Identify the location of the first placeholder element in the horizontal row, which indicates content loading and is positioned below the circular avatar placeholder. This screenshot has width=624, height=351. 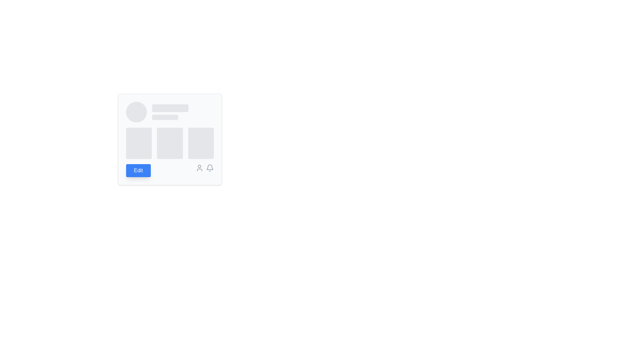
(138, 143).